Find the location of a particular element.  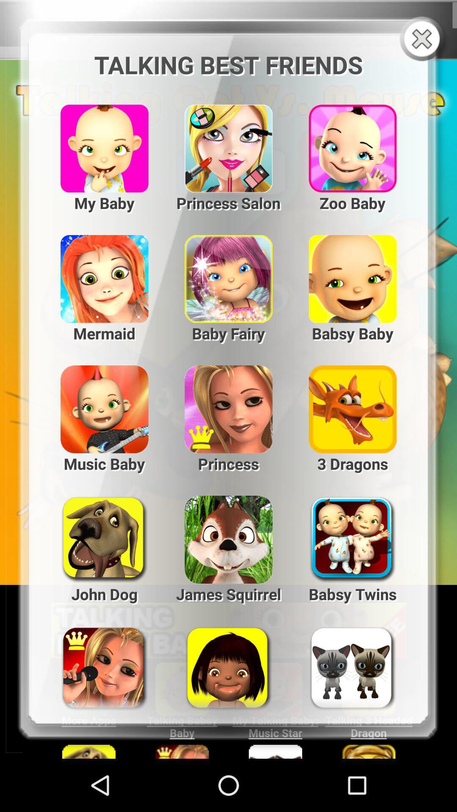

button is located at coordinates (424, 39).